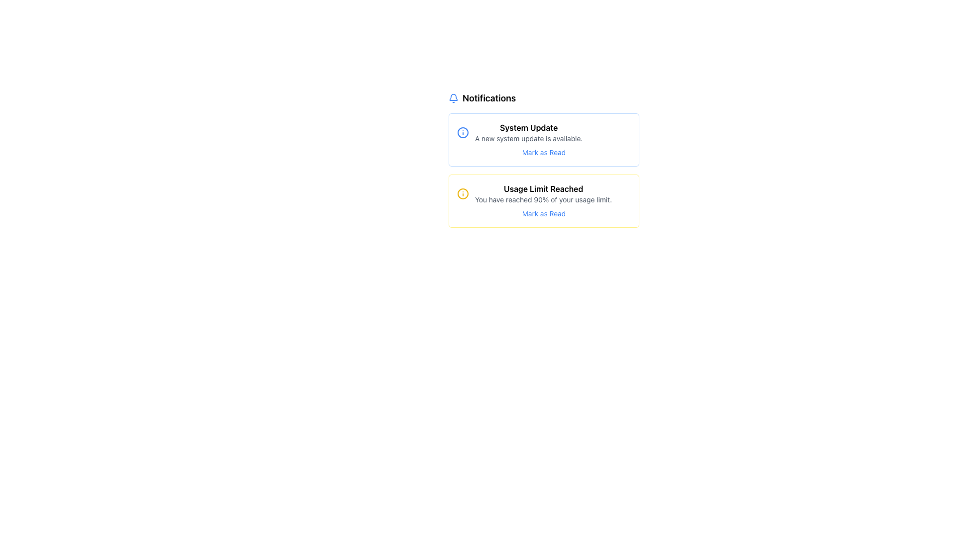  I want to click on the bold text 'System Update' located at the top of the notification card with light blue borders, so click(528, 127).